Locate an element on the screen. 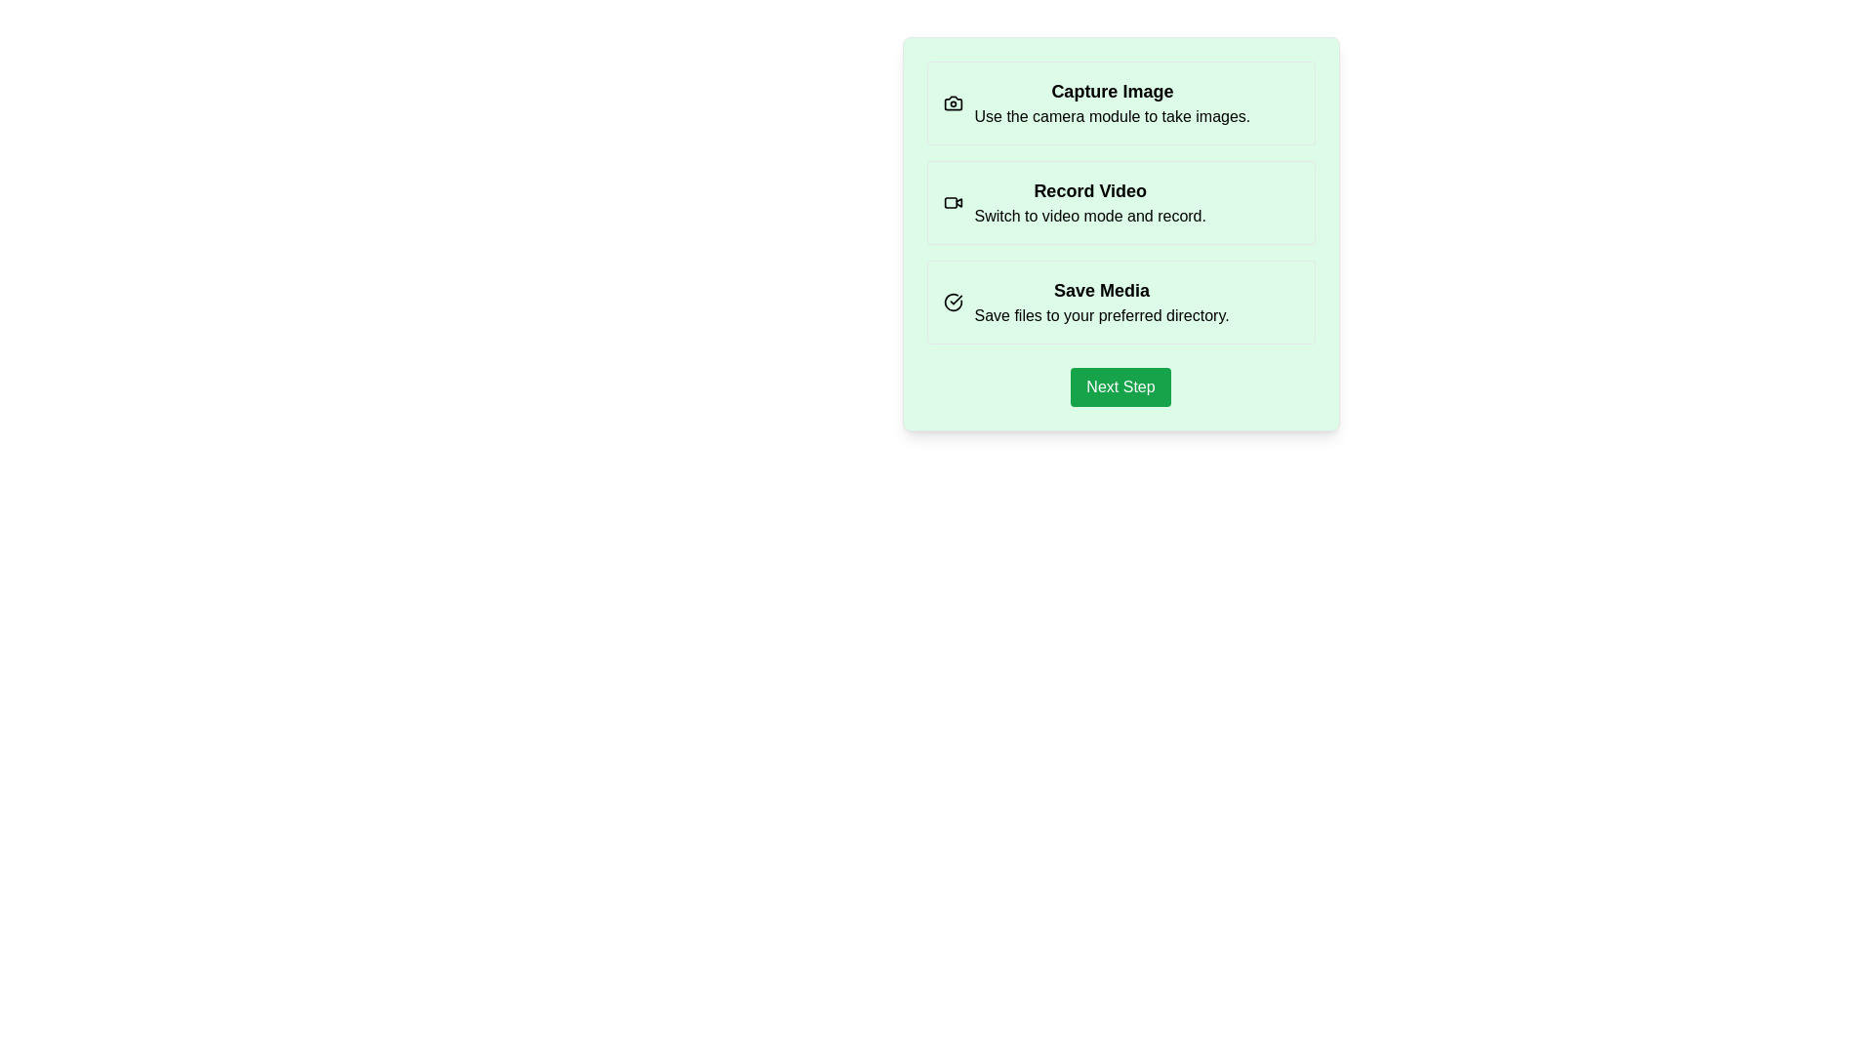 The height and width of the screenshot is (1054, 1874). the decorative or informational SVG icon associated with the 'Save Media' option located in the third row of the options on a light green card is located at coordinates (953, 302).